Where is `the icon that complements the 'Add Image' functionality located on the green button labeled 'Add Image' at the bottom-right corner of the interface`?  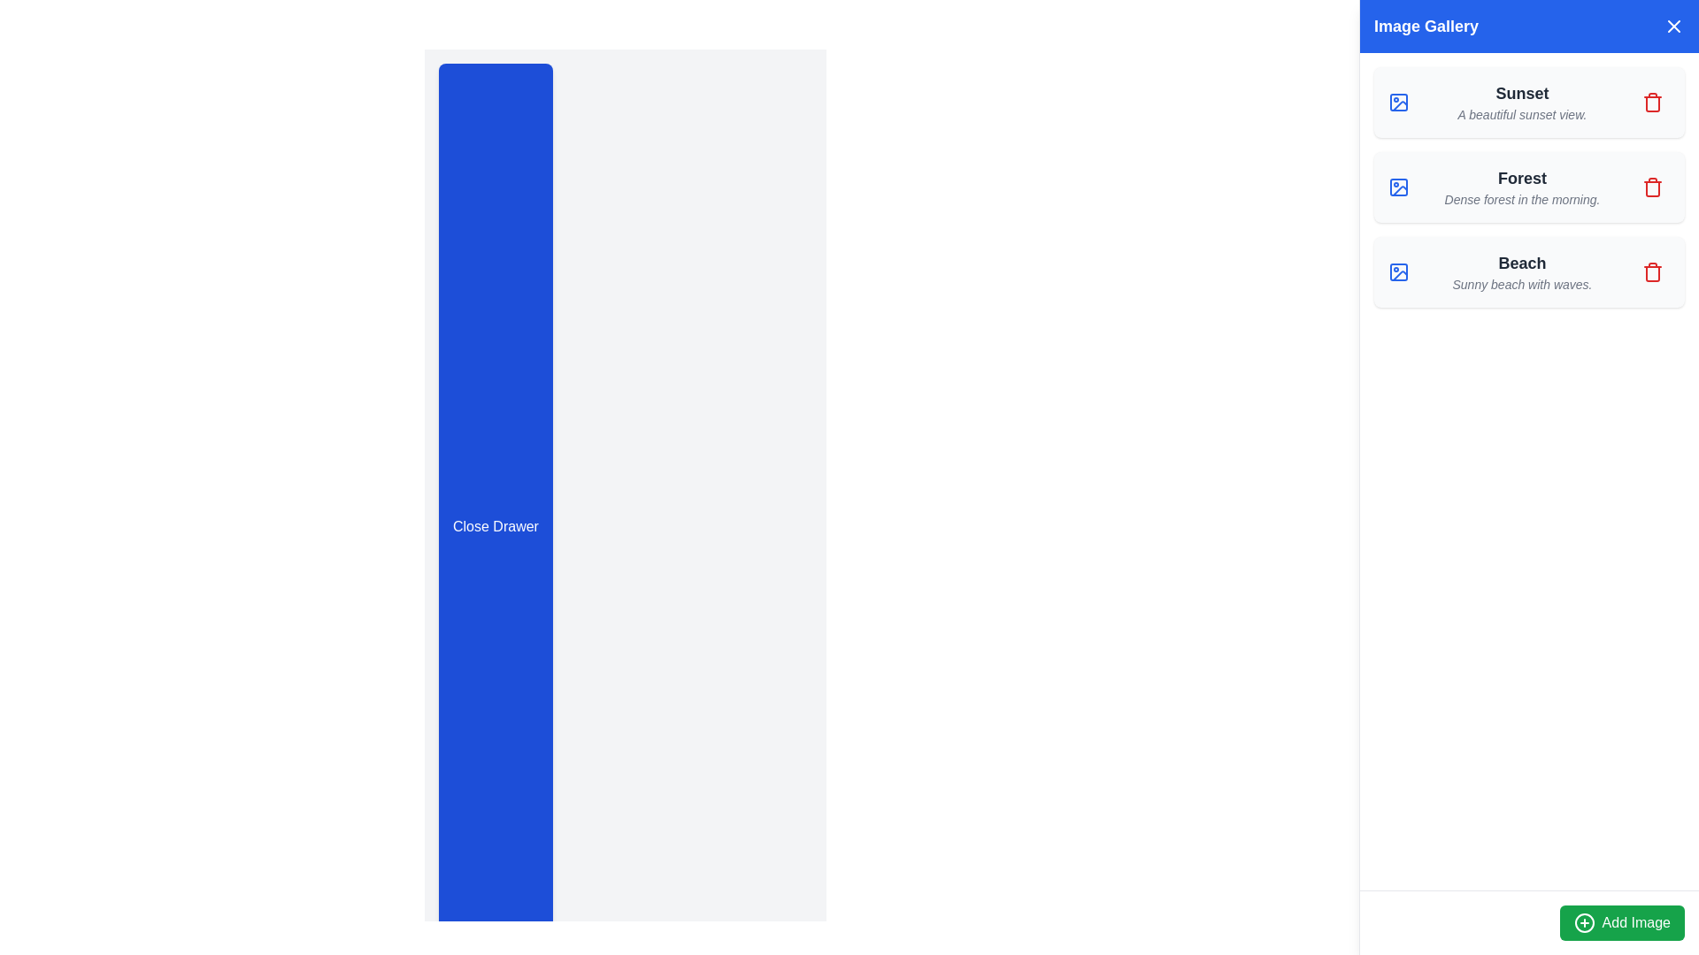
the icon that complements the 'Add Image' functionality located on the green button labeled 'Add Image' at the bottom-right corner of the interface is located at coordinates (1584, 922).